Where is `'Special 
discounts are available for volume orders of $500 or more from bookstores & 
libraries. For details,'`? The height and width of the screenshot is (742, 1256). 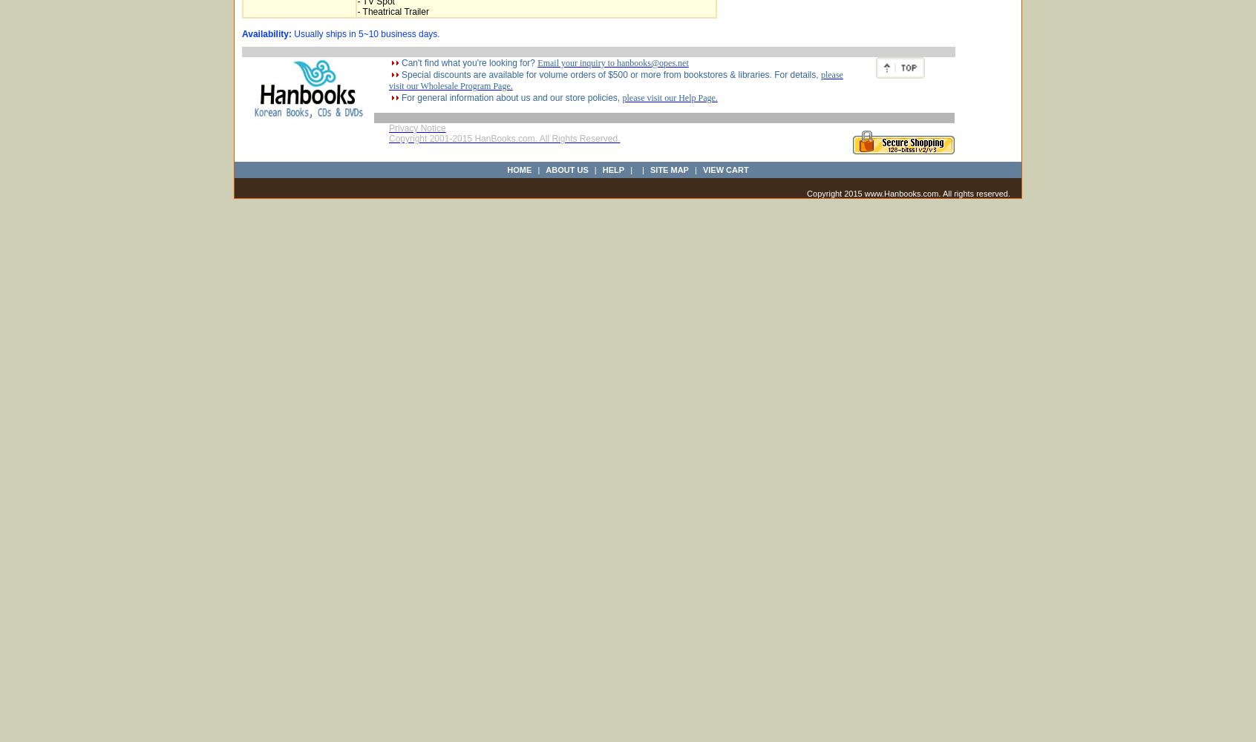 'Special 
discounts are available for volume orders of $500 or more from bookstores & 
libraries. For details,' is located at coordinates (610, 74).